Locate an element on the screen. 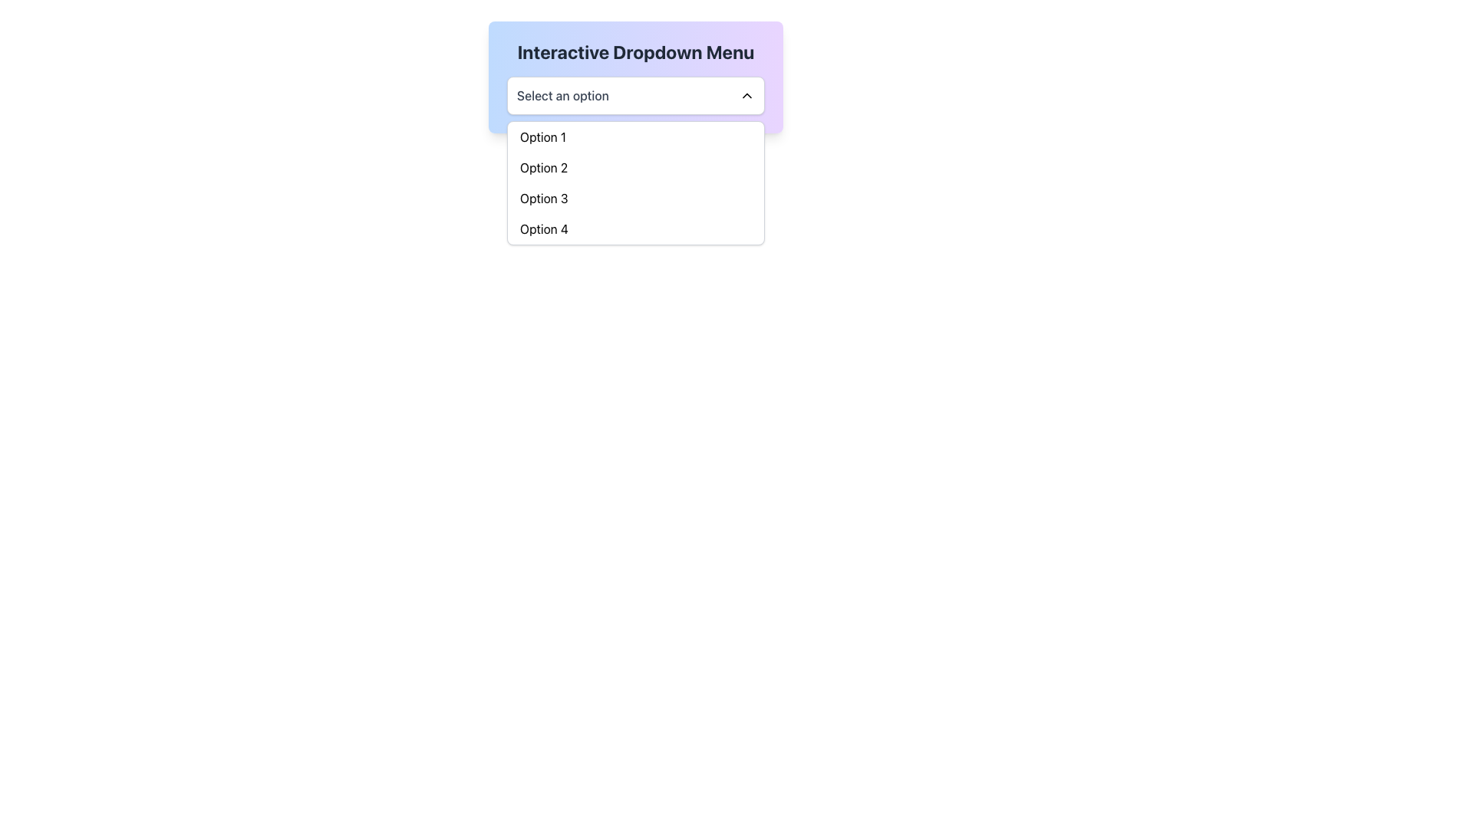 The image size is (1473, 828). the static text label that prompts the user to select an item from the dropdown menu, located to the left of the dropdown arrow icon is located at coordinates (562, 95).